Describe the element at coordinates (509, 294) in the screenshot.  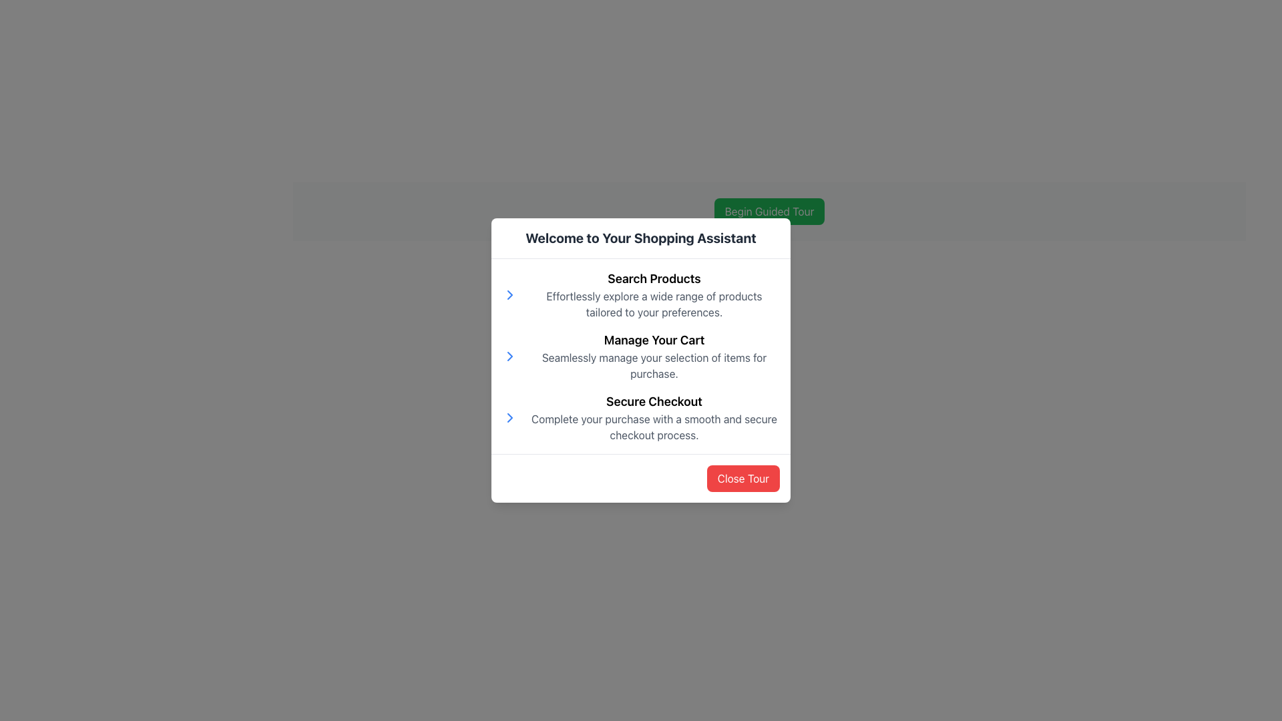
I see `the small right-pointing chevron icon located next to the 'Manage Your Cart' text within the dialog box` at that location.